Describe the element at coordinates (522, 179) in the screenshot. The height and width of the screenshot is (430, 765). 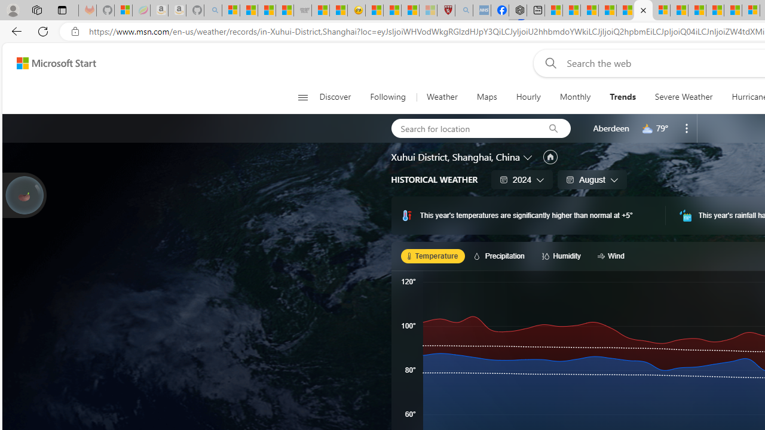
I see `'2024'` at that location.